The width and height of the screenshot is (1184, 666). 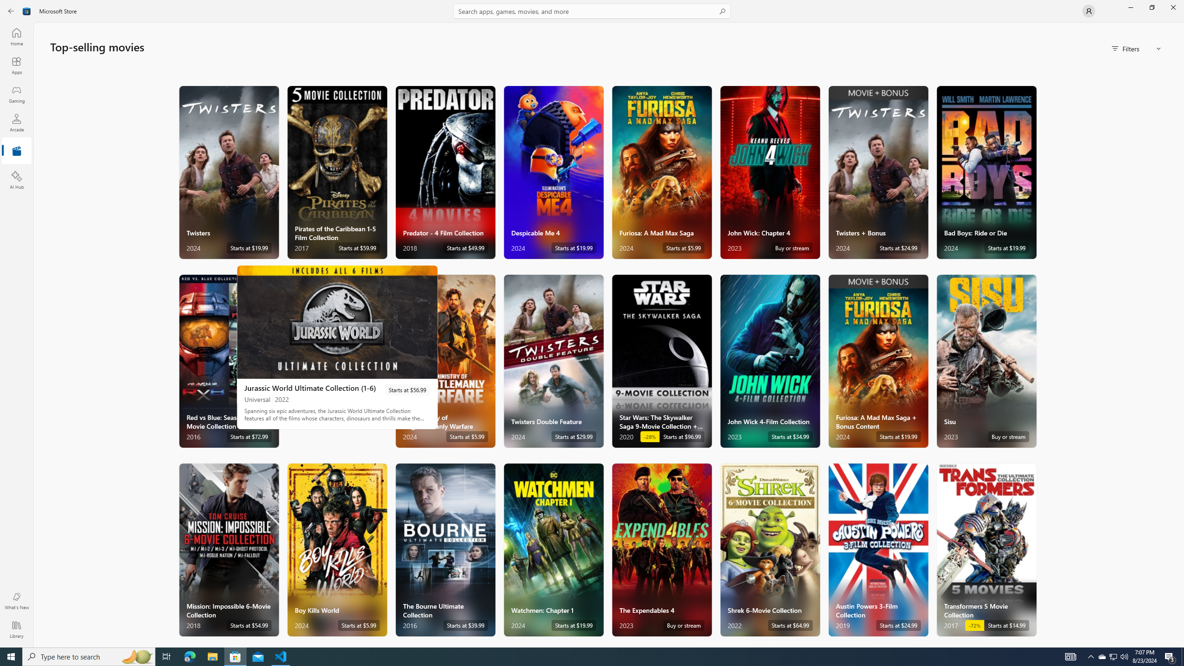 What do you see at coordinates (337, 347) in the screenshot?
I see `'Jurassic World Ultimate Collection (1-6). Starts at $56.99  '` at bounding box center [337, 347].